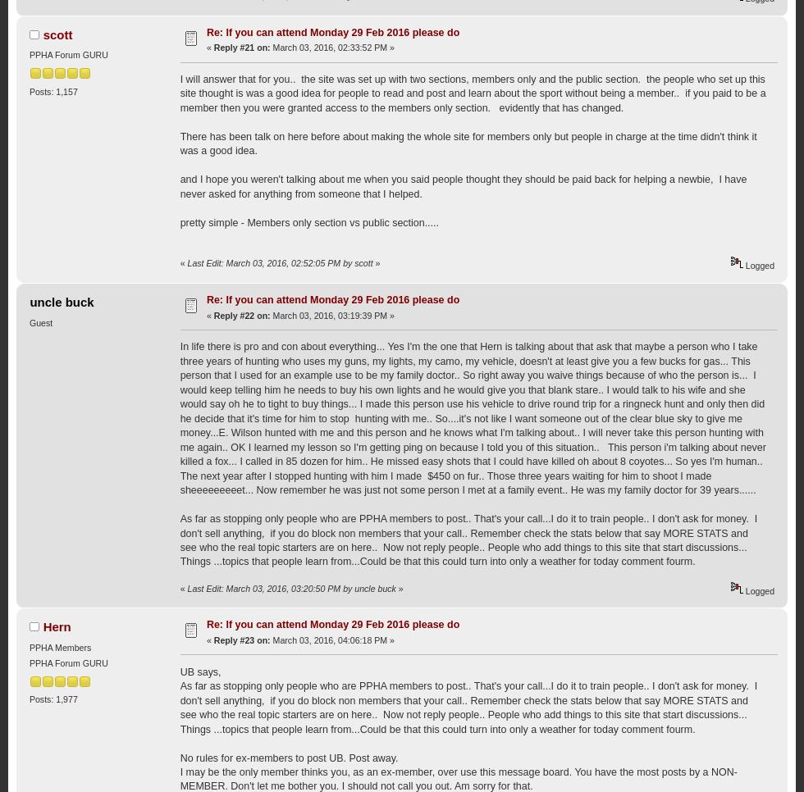  What do you see at coordinates (53, 698) in the screenshot?
I see `'Posts: 1,977'` at bounding box center [53, 698].